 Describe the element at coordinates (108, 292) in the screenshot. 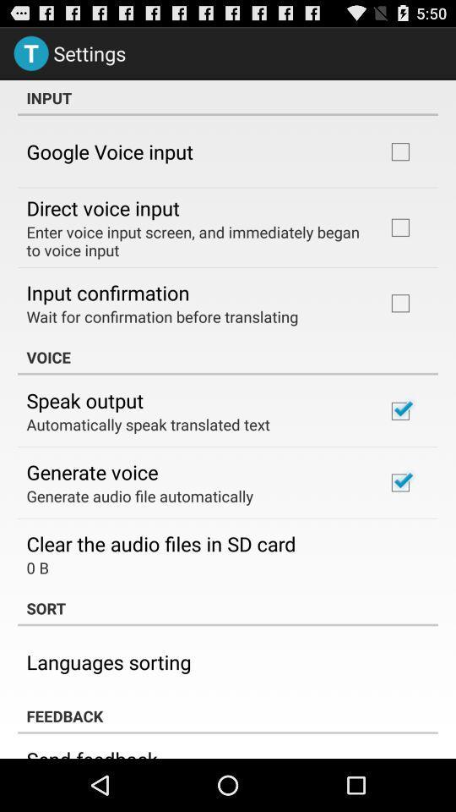

I see `input confirmation item` at that location.